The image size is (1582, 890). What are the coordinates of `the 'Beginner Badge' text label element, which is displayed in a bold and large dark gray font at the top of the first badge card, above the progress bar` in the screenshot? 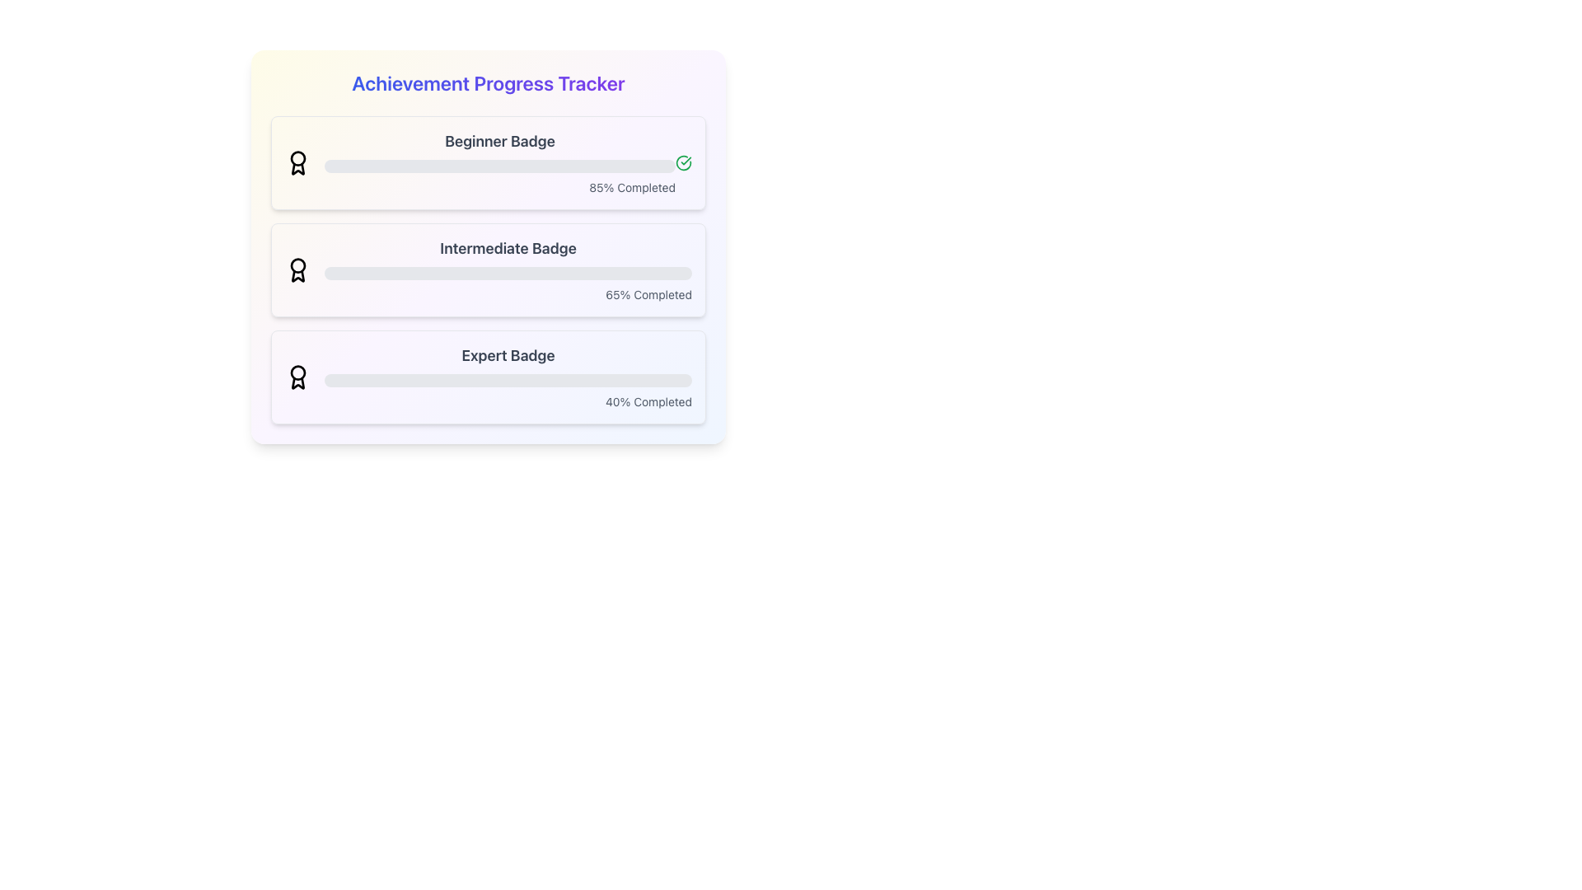 It's located at (498, 141).